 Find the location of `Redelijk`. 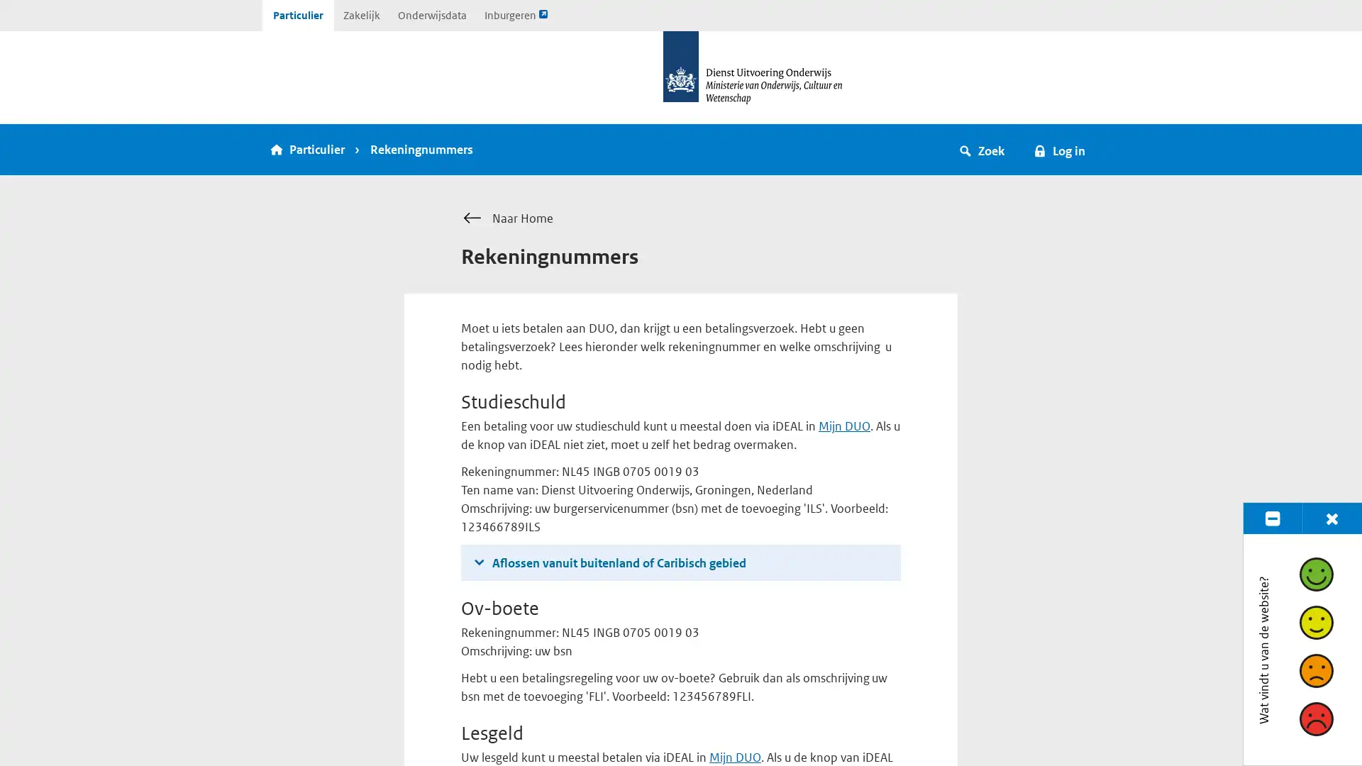

Redelijk is located at coordinates (1314, 621).